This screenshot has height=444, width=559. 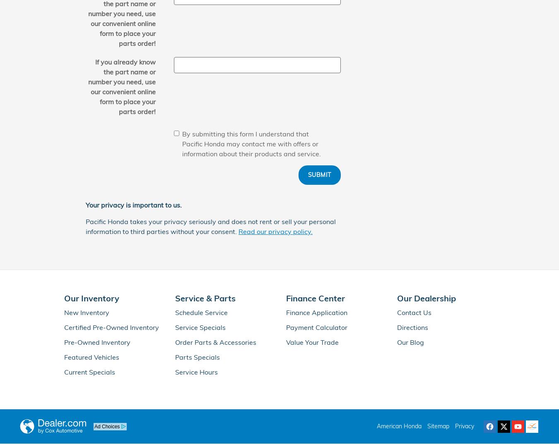 I want to click on 'Featured Vehicles', so click(x=92, y=357).